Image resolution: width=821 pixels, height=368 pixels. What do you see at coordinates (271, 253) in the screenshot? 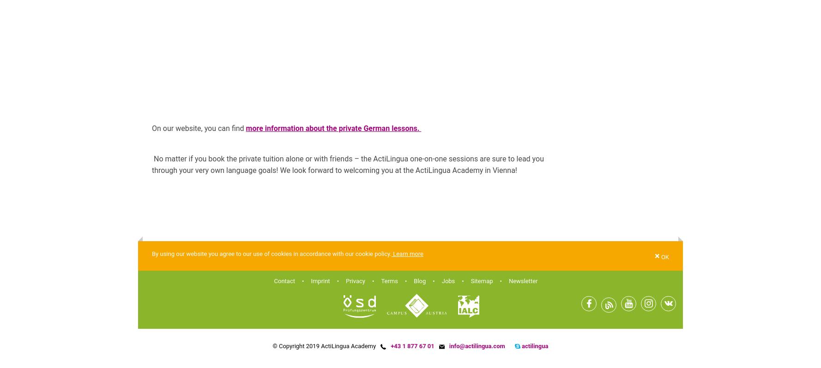
I see `'By using our website you agree to our use of cookies in accordance with our cookie policy.'` at bounding box center [271, 253].